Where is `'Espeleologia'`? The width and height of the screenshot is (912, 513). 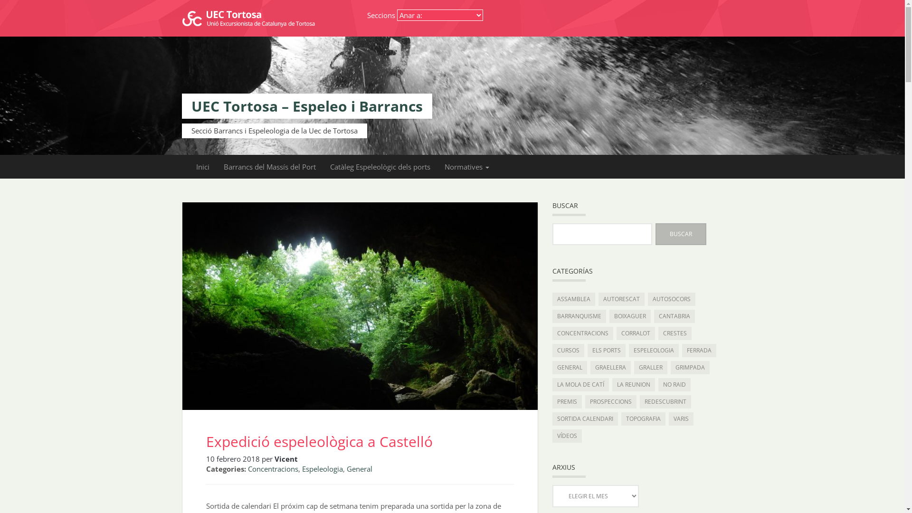 'Espeleologia' is located at coordinates (322, 468).